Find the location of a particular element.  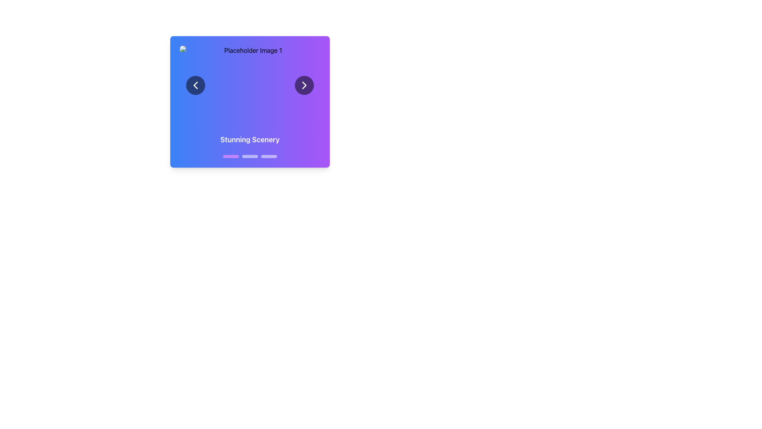

the left-pointing chevron icon inside the circular navigation button is located at coordinates (196, 85).